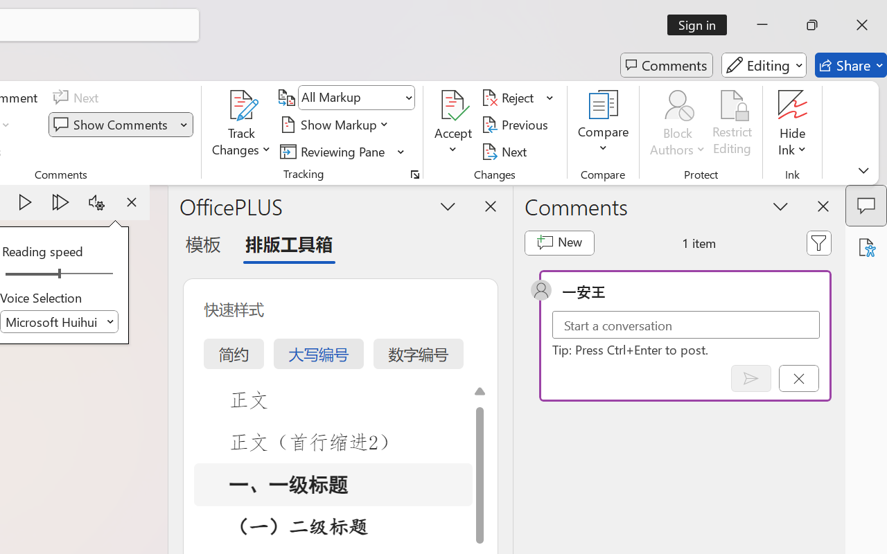  I want to click on 'Cancel', so click(798, 378).